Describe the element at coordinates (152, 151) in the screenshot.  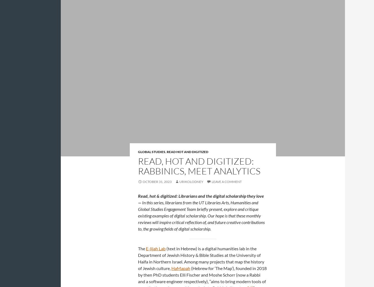
I see `'Global Studies'` at that location.